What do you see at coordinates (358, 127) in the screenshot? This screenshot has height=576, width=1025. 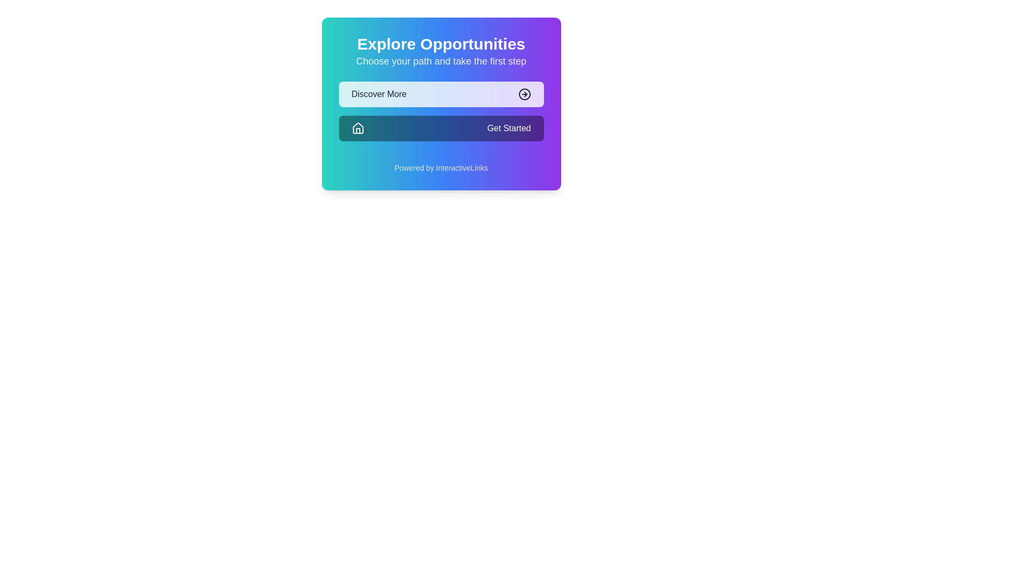 I see `the home icon located on the left side of the 'Get Started' button at the bottom of the card layout` at bounding box center [358, 127].